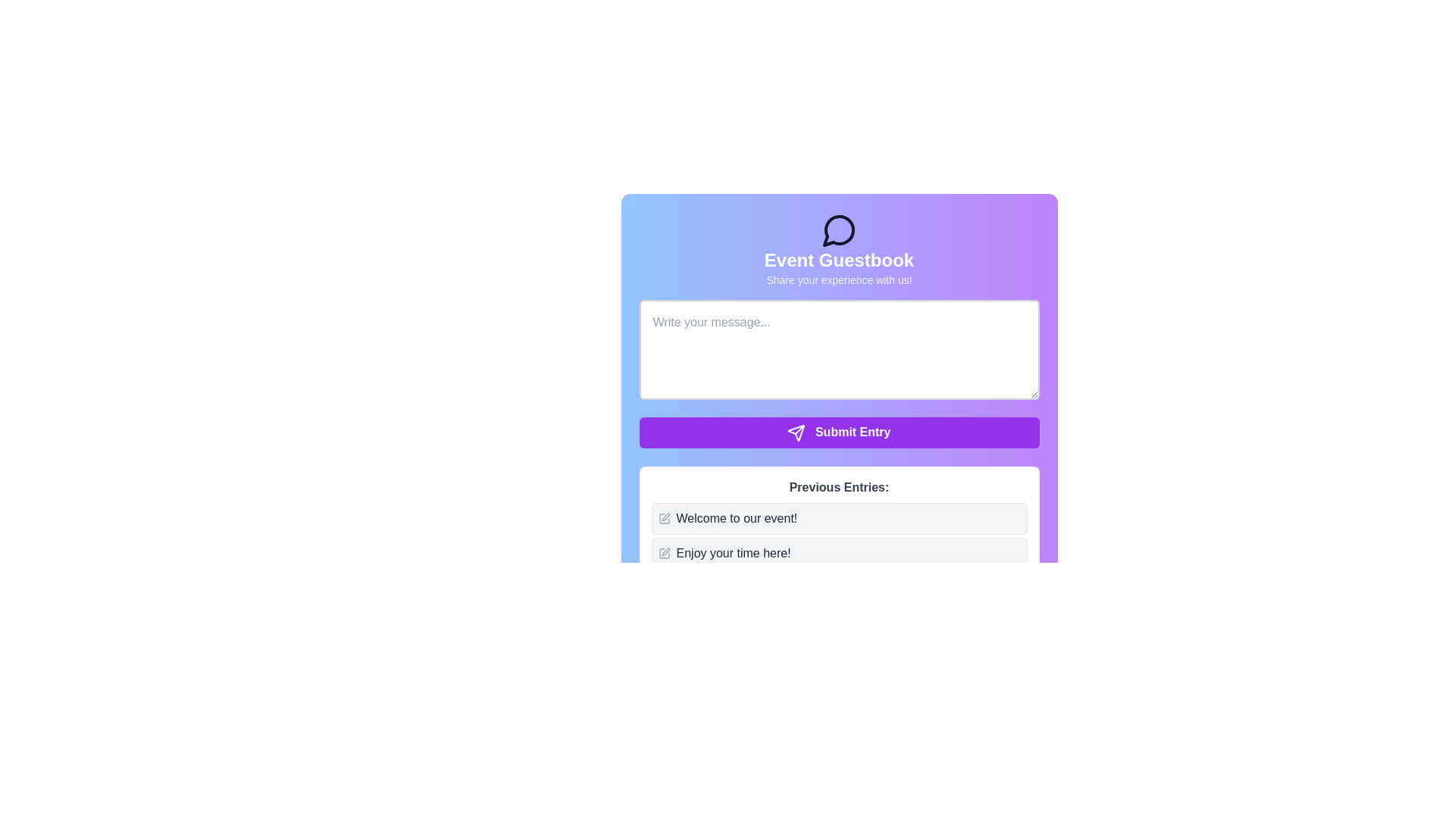  What do you see at coordinates (664, 553) in the screenshot?
I see `the edit icon located` at bounding box center [664, 553].